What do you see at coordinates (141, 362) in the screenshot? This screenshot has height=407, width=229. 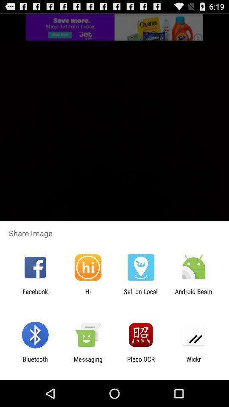 I see `pleco ocr icon` at bounding box center [141, 362].